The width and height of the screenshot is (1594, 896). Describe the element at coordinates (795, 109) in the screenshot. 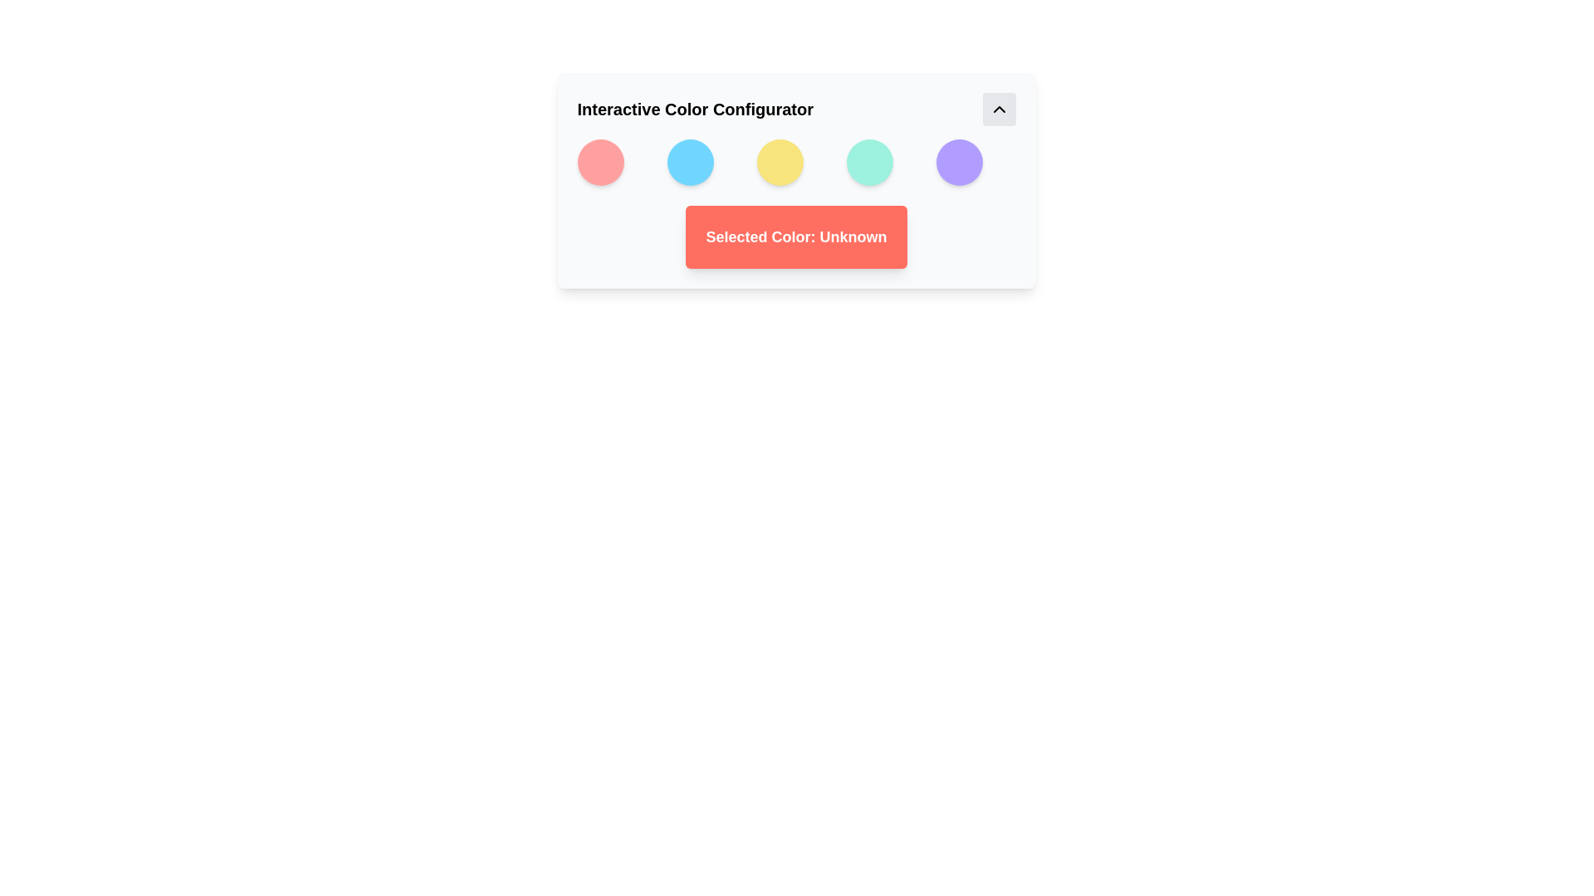

I see `the 'Interactive Color Configurator' header to activate the dropdown menu` at that location.